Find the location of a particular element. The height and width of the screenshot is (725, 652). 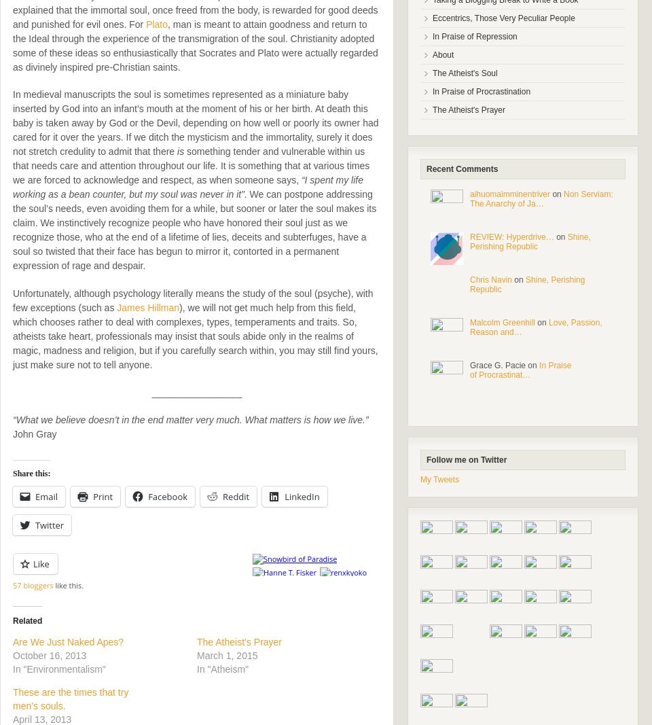

'is' is located at coordinates (180, 152).